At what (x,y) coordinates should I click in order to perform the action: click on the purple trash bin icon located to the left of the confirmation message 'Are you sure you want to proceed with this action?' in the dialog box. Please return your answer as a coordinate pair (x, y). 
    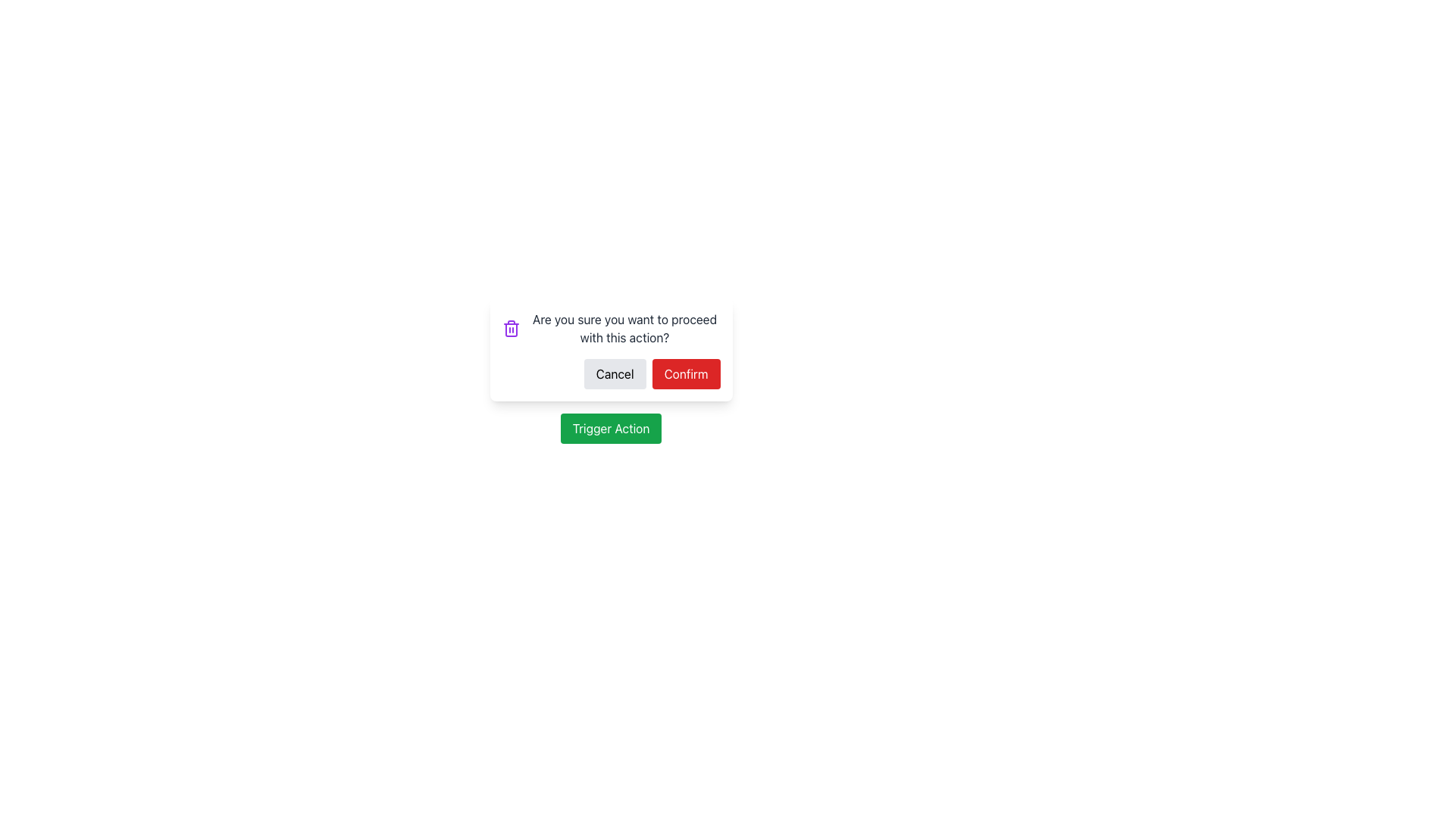
    Looking at the image, I should click on (511, 328).